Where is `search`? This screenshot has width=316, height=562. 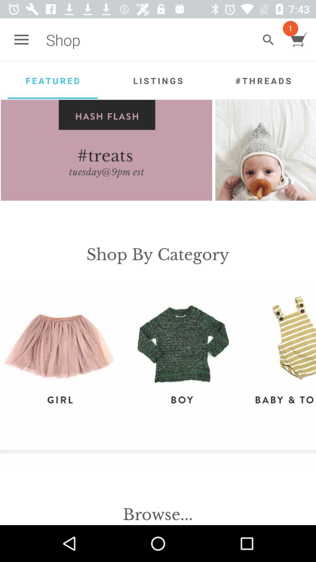 search is located at coordinates (268, 40).